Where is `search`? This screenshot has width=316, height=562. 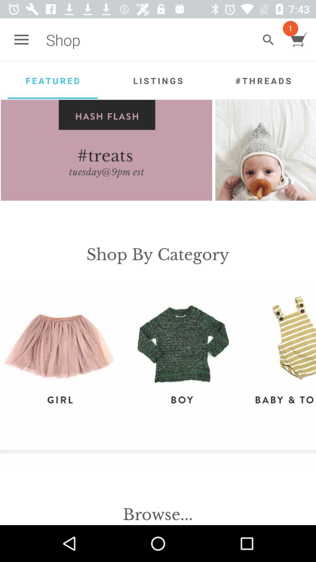 search is located at coordinates (268, 40).